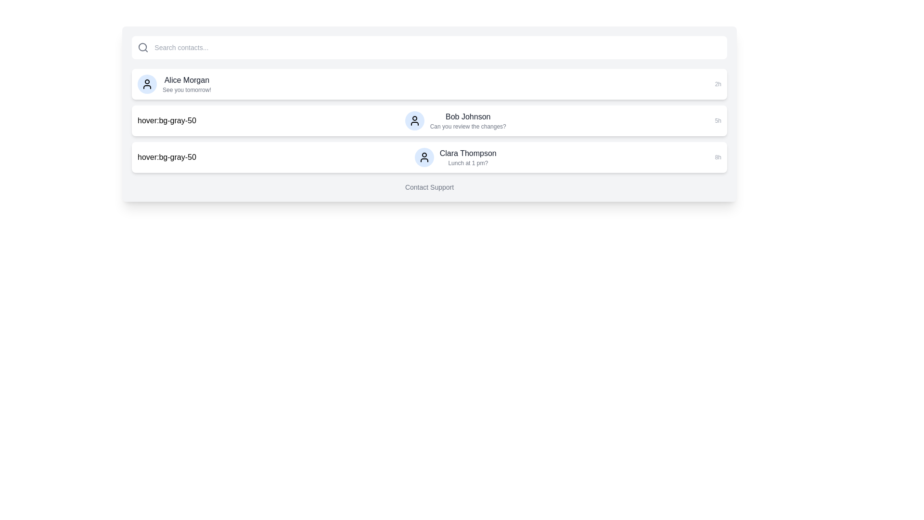 Image resolution: width=924 pixels, height=520 pixels. What do you see at coordinates (455, 120) in the screenshot?
I see `to select the user contact preview item located in the second position of the vertical list, which displays the user's name, avatar, and a brief message` at bounding box center [455, 120].